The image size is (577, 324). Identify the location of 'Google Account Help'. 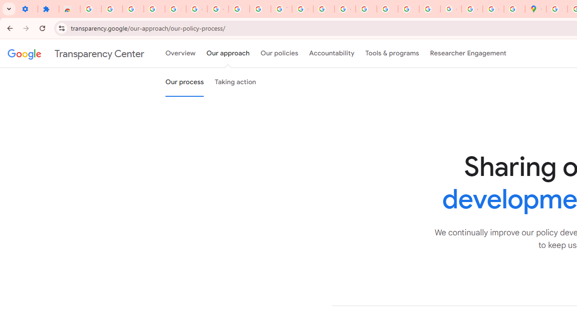
(196, 9).